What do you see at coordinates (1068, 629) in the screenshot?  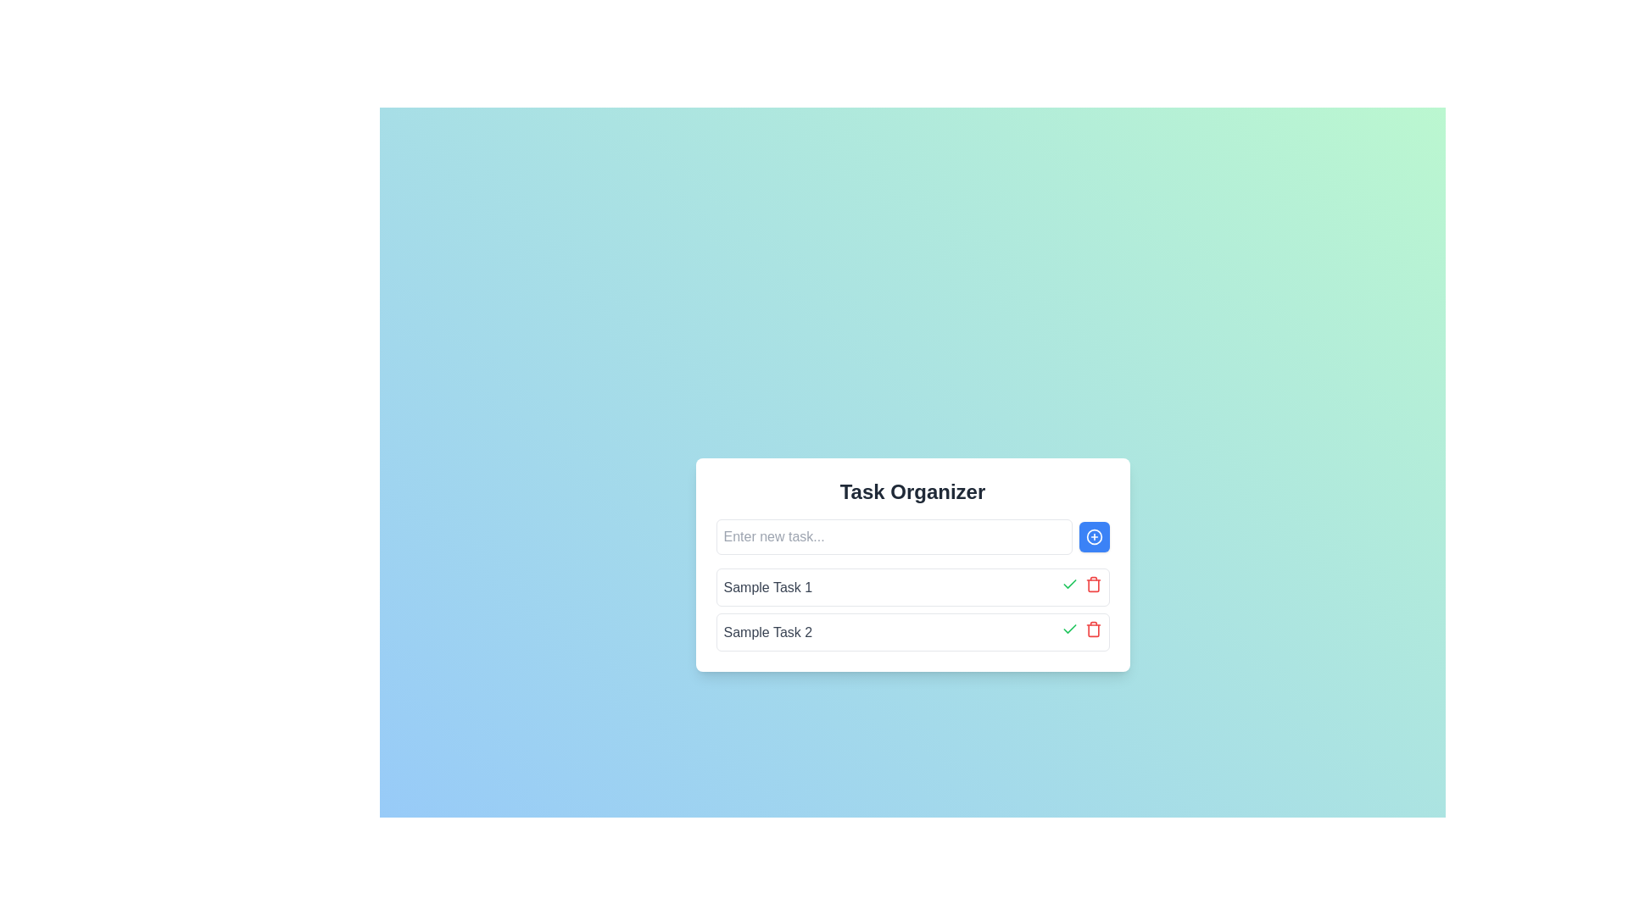 I see `the check icon located to the right side of the task row labeled 'Sample Task 1'` at bounding box center [1068, 629].